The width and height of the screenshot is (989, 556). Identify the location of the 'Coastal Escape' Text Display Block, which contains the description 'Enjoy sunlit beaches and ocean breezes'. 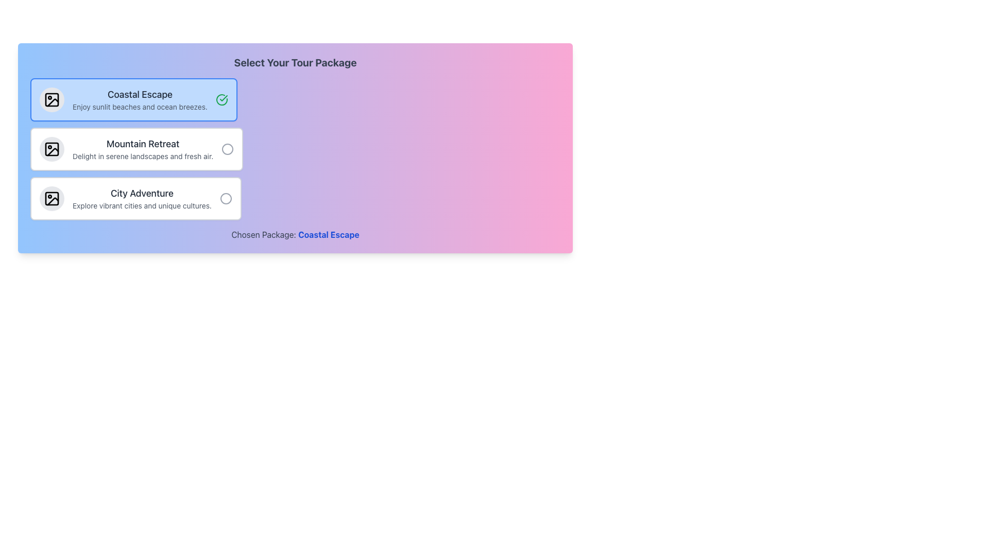
(139, 99).